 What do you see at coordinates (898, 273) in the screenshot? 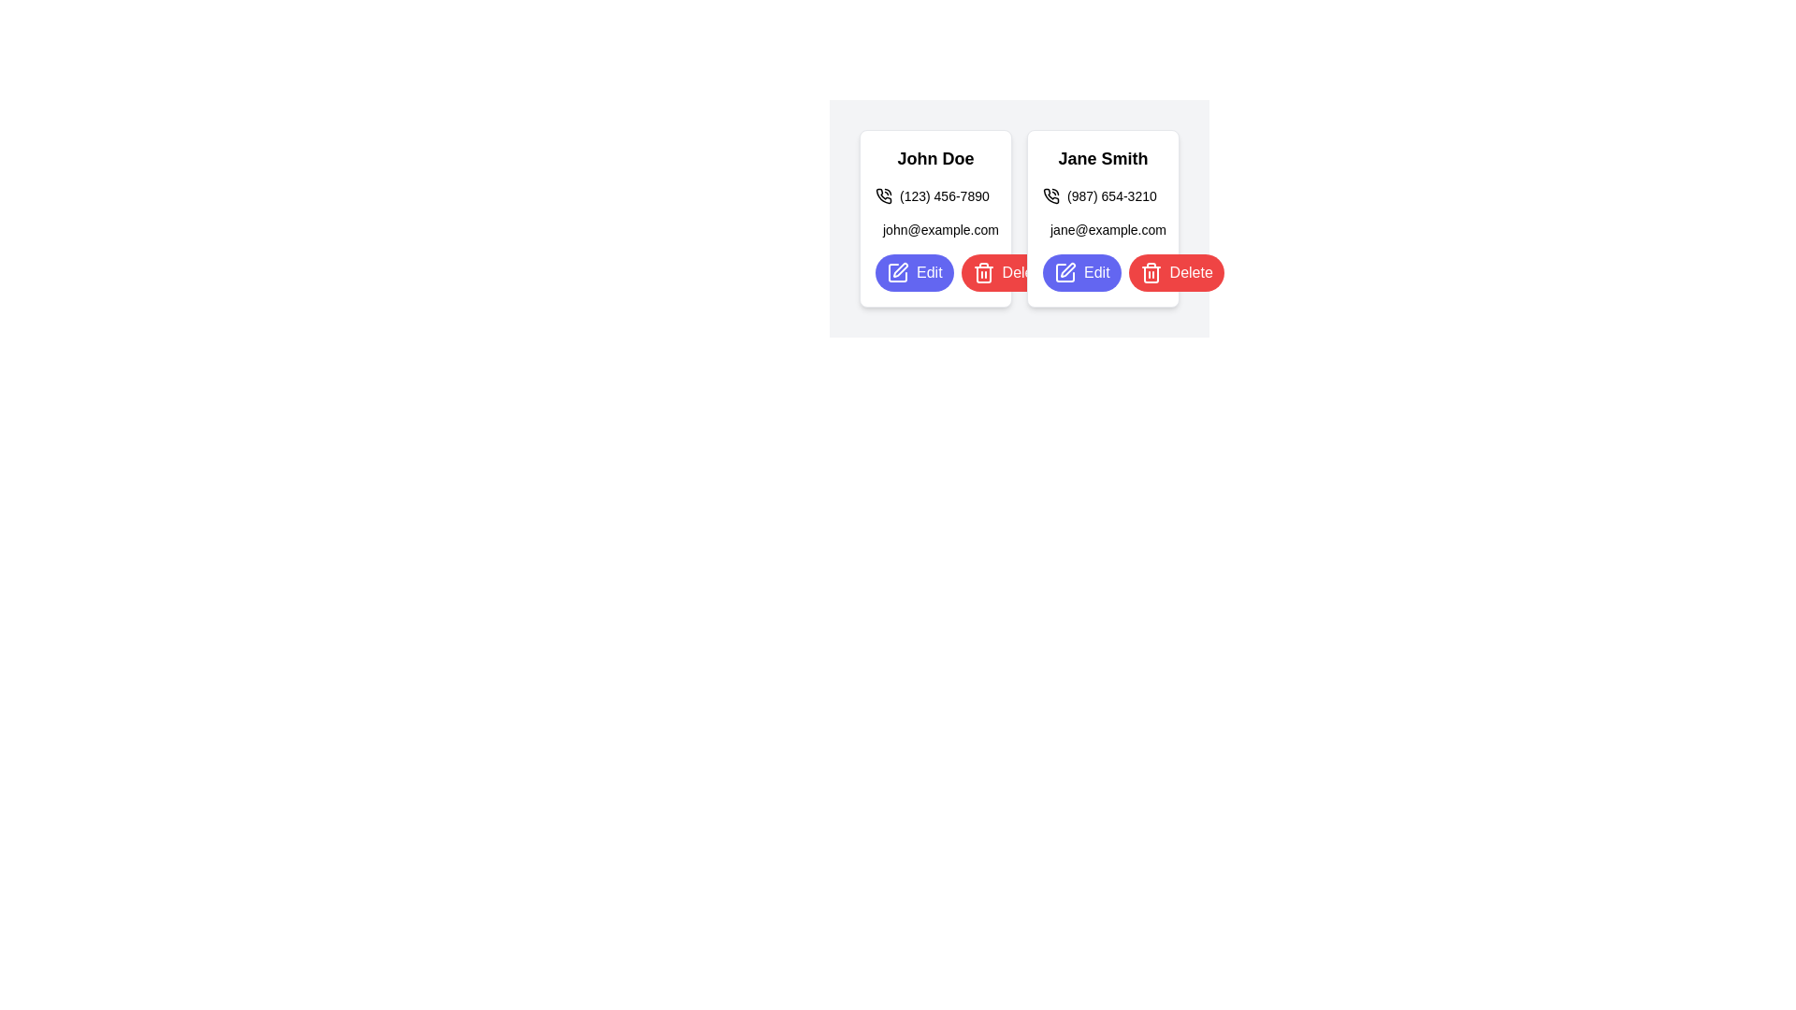
I see `the edit icon located to the left of the text 'Edit' in the button component beneath the contact card titled 'John Doe'` at bounding box center [898, 273].